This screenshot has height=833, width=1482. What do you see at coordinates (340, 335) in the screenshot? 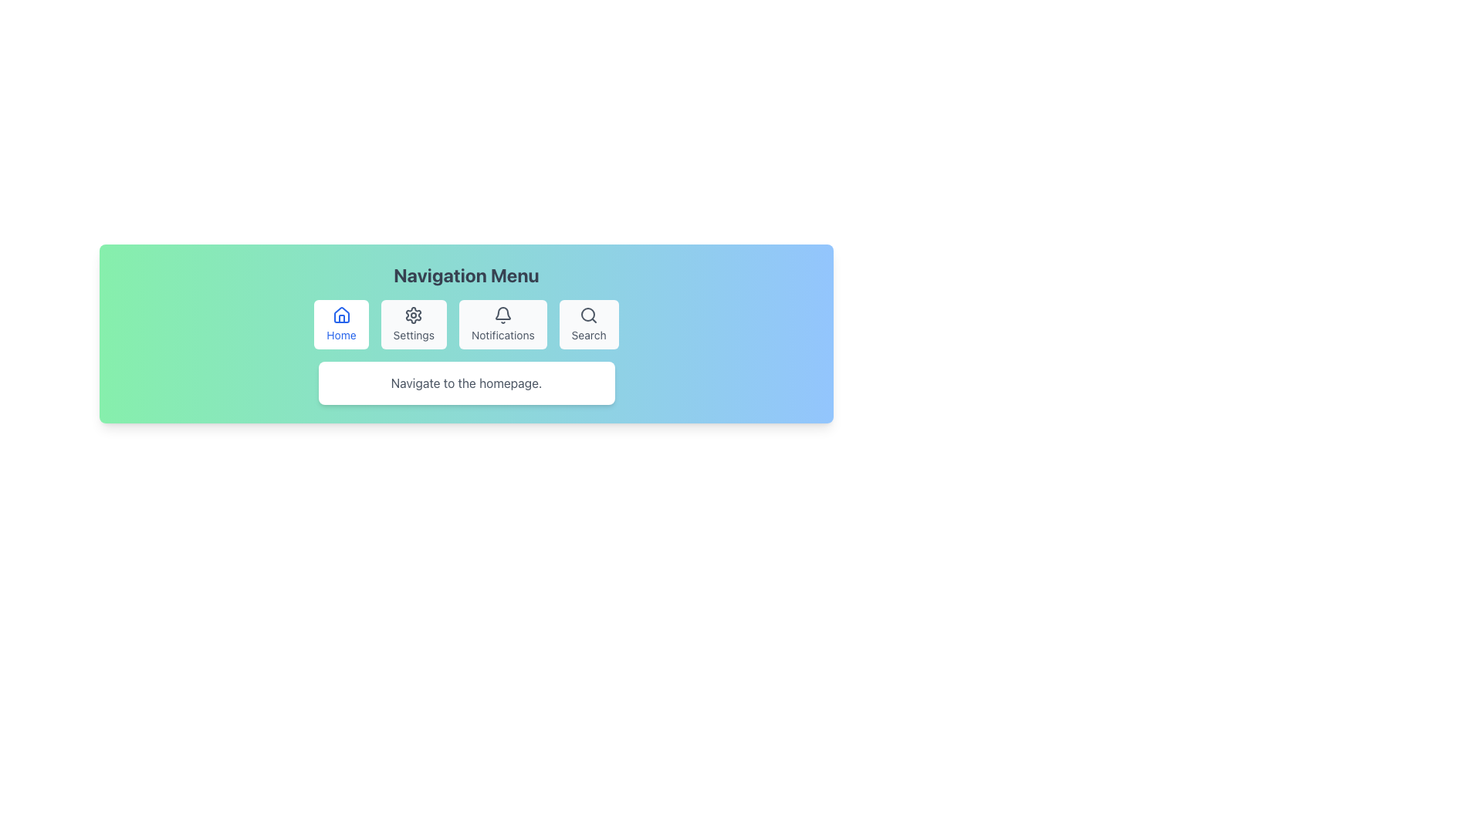
I see `the 'Home' text label located beneath the house-shaped icon in the navigation menu` at bounding box center [340, 335].